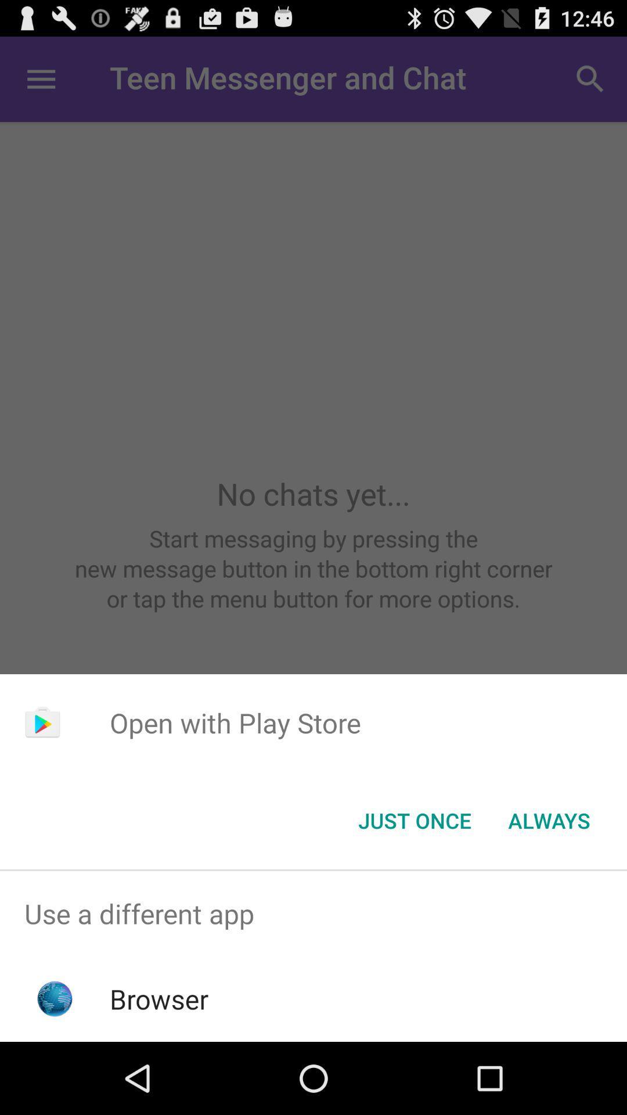 The image size is (627, 1115). What do you see at coordinates (159, 998) in the screenshot?
I see `the browser item` at bounding box center [159, 998].